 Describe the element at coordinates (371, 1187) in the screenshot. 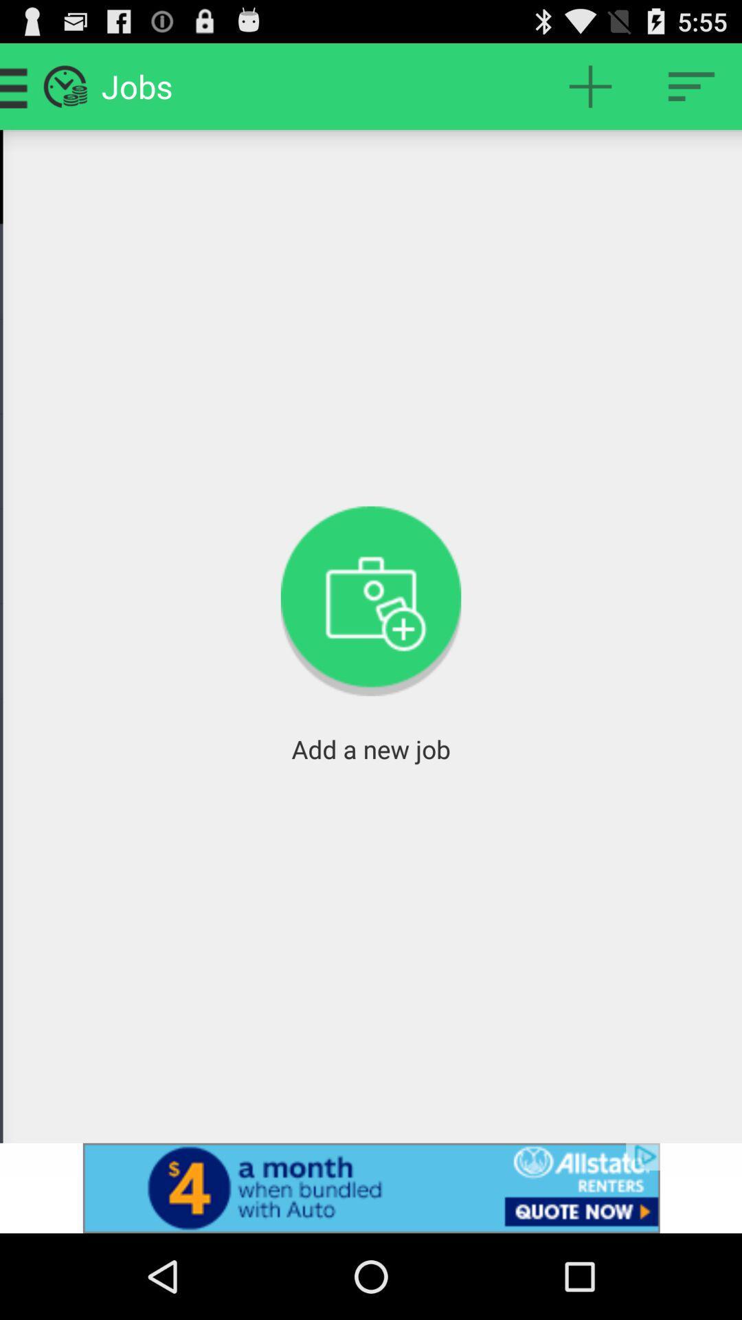

I see `advertisement botton` at that location.